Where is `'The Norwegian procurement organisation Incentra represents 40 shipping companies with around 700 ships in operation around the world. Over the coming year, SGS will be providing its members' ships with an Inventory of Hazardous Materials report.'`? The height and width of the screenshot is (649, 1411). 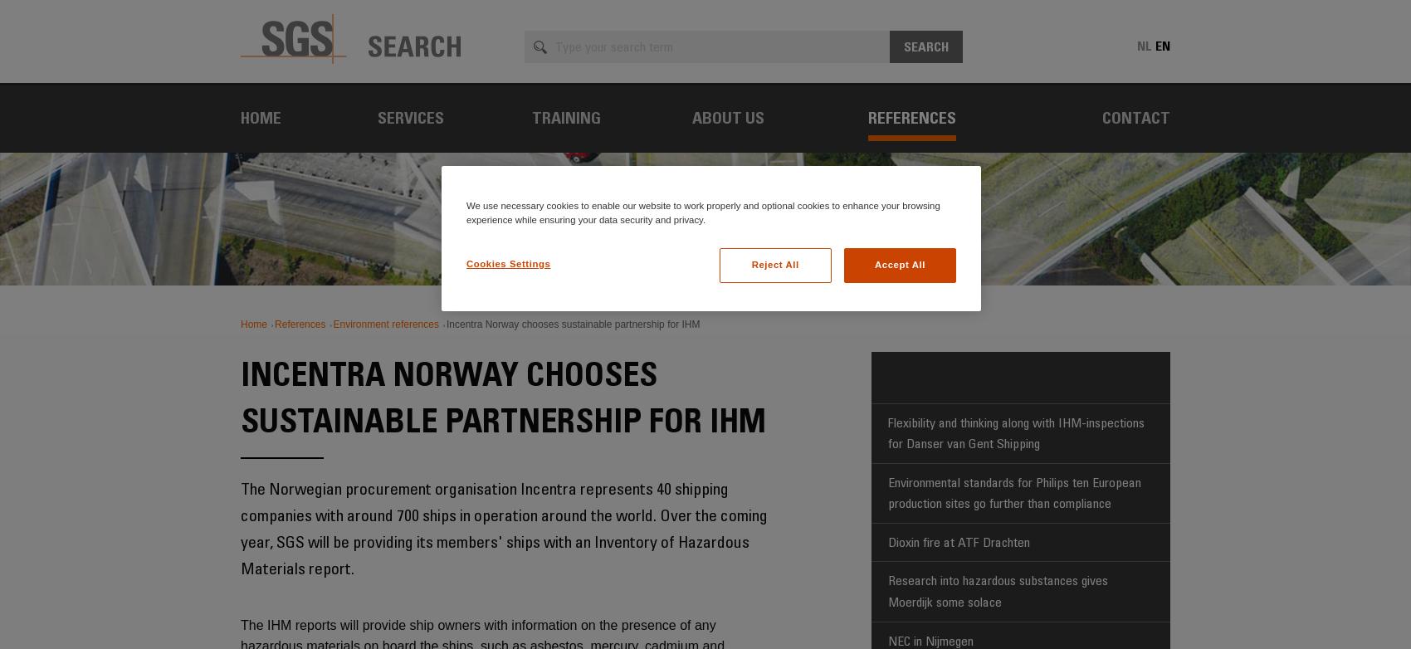 'The Norwegian procurement organisation Incentra represents 40 shipping companies with around 700 ships in operation around the world. Over the coming year, SGS will be providing its members' ships with an Inventory of Hazardous Materials report.' is located at coordinates (503, 527).